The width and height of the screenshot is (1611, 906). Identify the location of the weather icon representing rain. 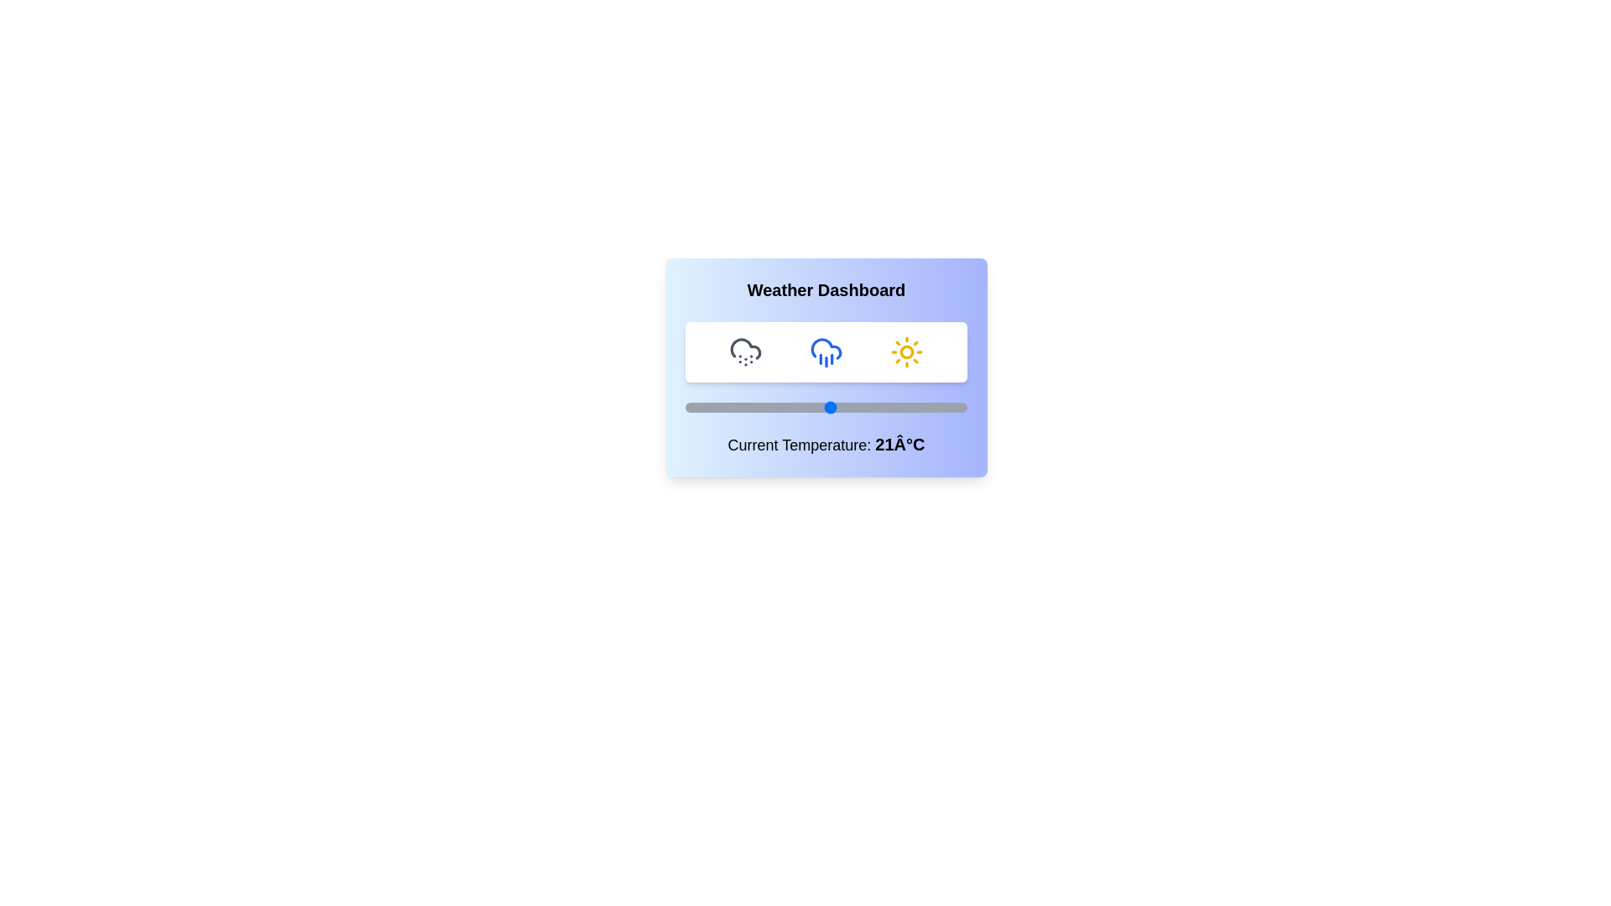
(826, 351).